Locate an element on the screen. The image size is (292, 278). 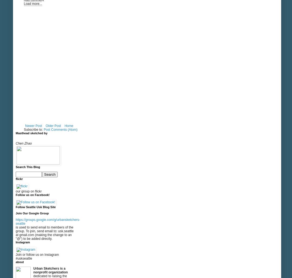
'about' is located at coordinates (20, 262).